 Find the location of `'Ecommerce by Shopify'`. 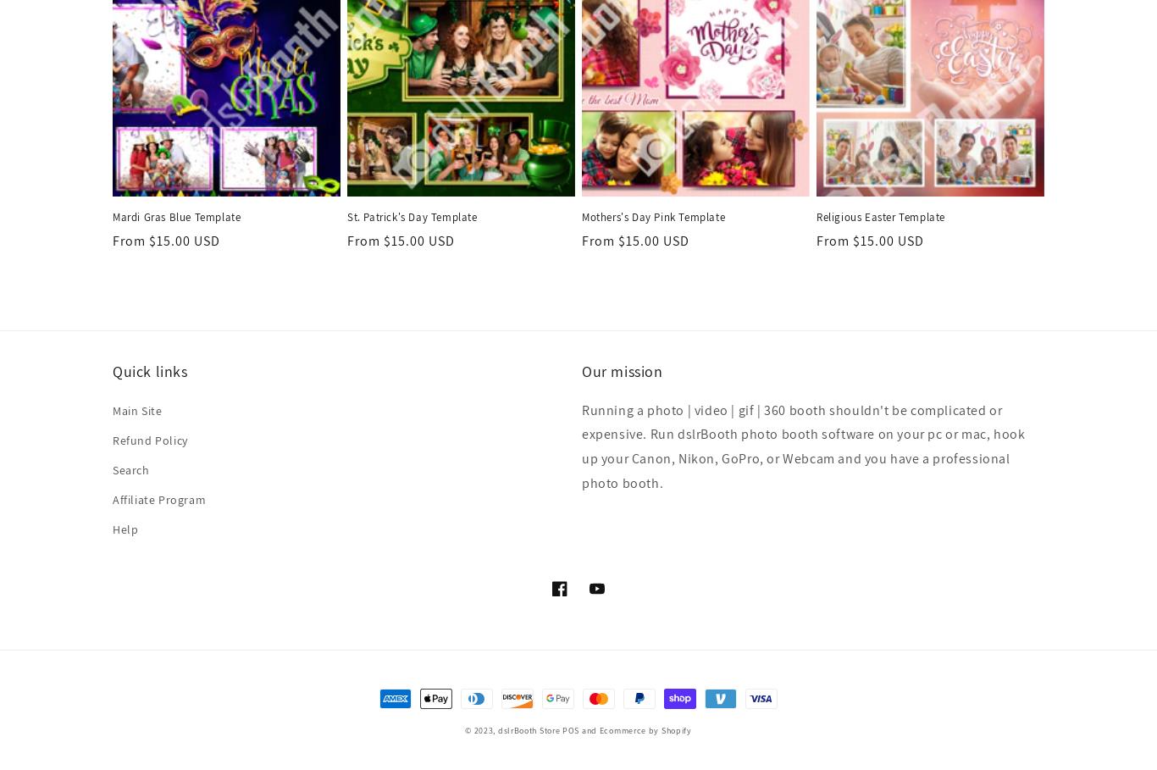

'Ecommerce by Shopify' is located at coordinates (645, 729).